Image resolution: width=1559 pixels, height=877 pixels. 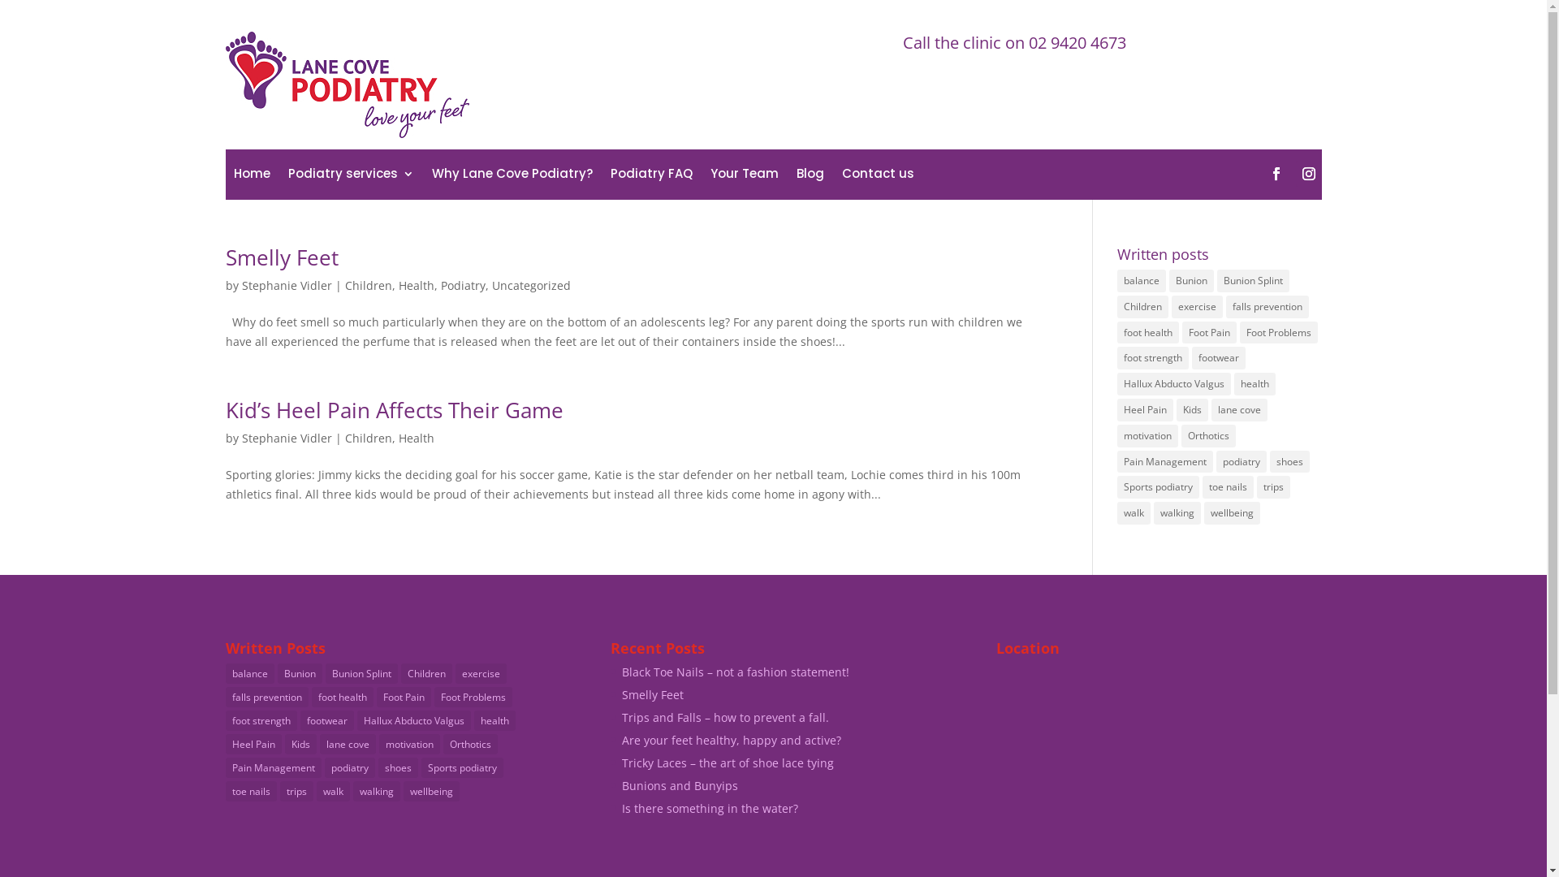 What do you see at coordinates (1232, 513) in the screenshot?
I see `'wellbeing'` at bounding box center [1232, 513].